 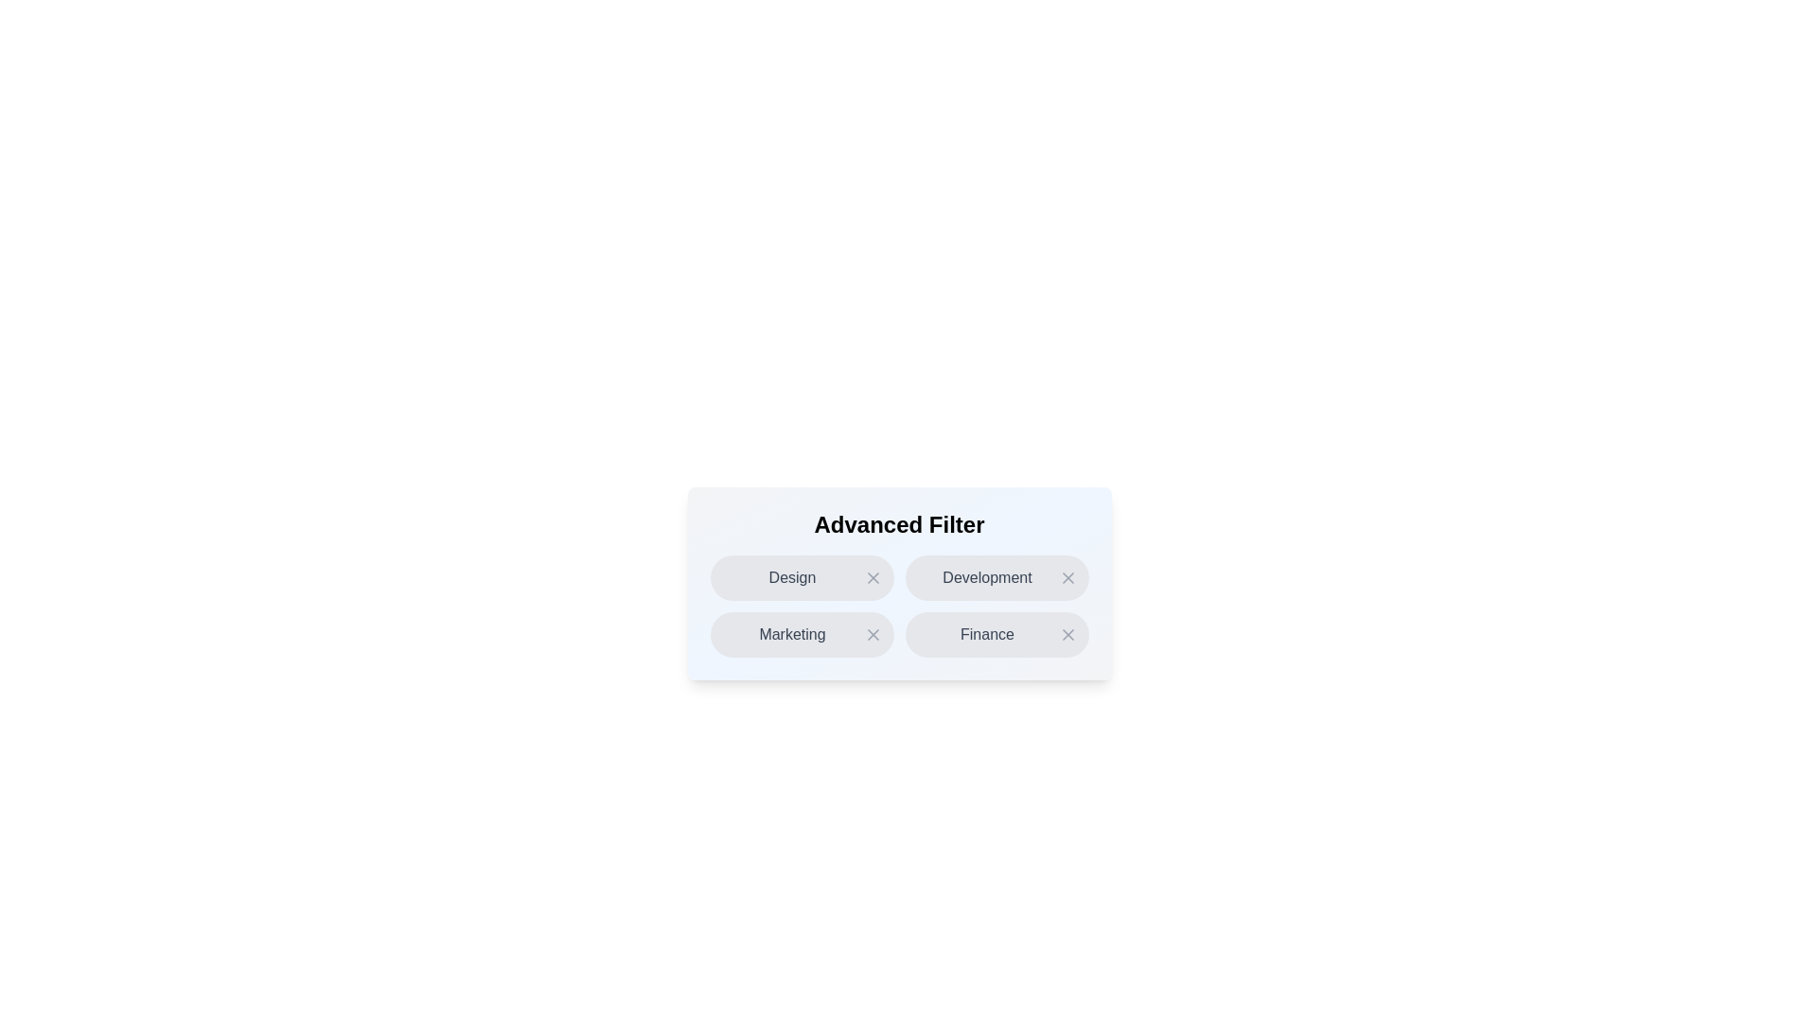 I want to click on the chip labeled Development, so click(x=996, y=576).